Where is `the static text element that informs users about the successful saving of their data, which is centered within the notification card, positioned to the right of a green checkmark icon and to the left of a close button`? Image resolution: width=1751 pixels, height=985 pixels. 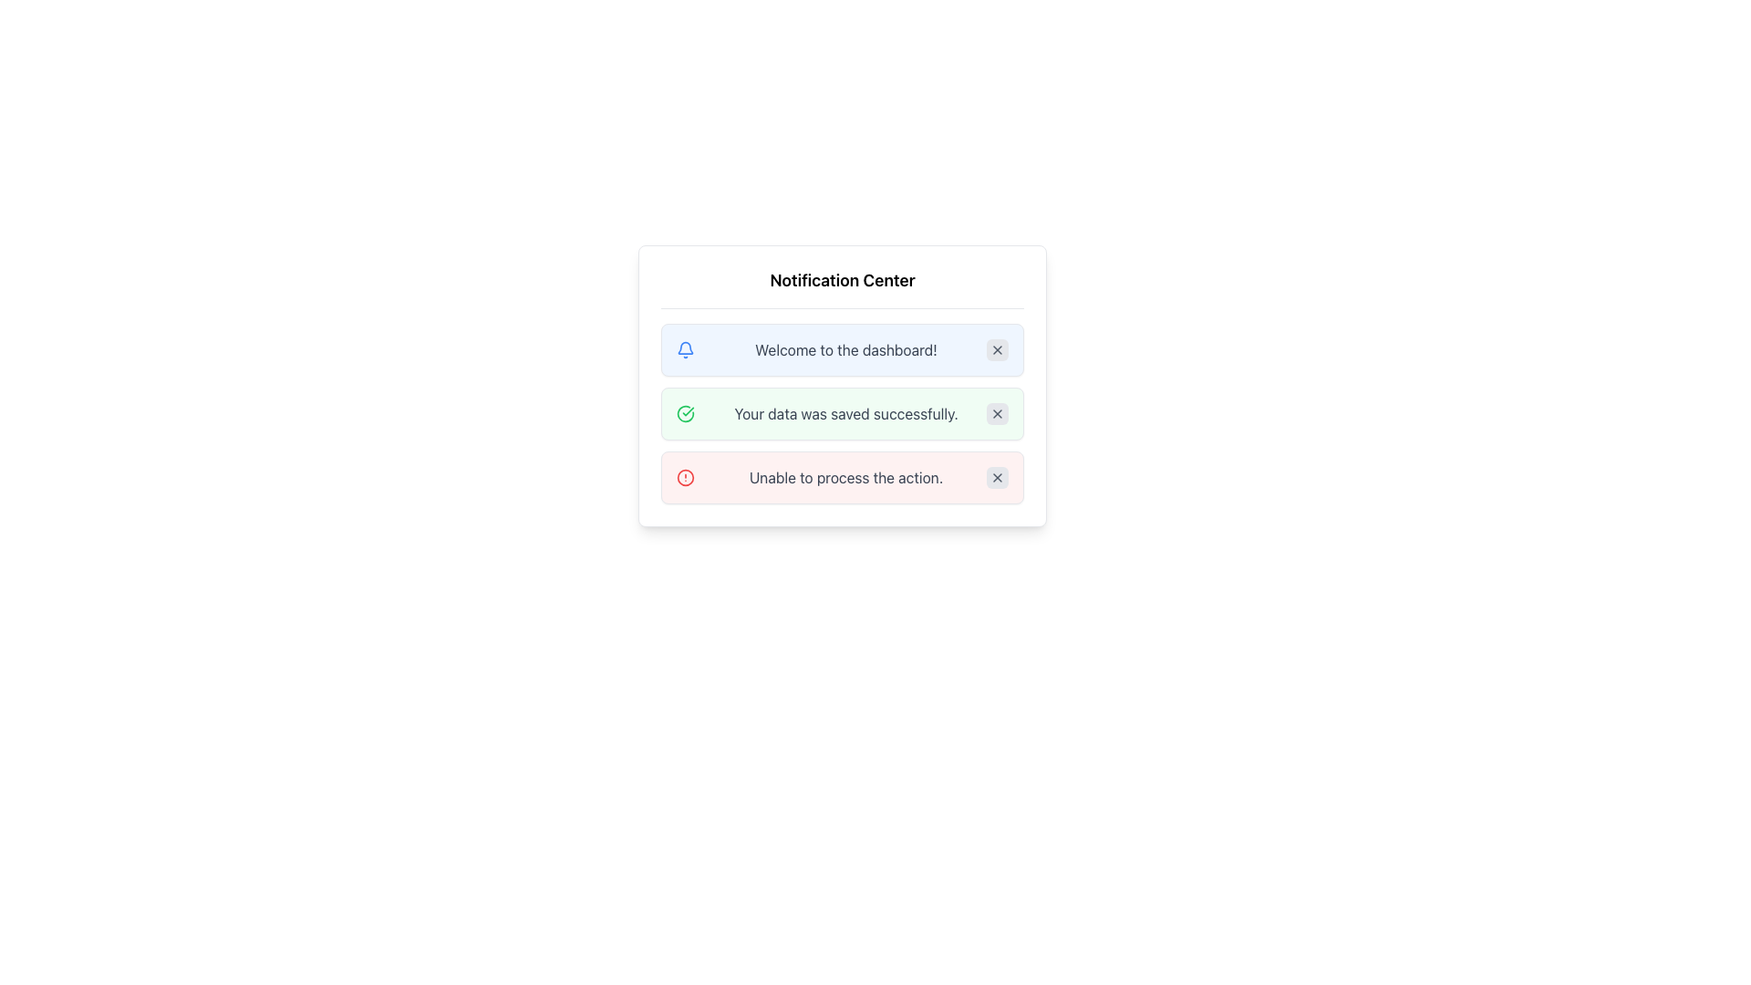
the static text element that informs users about the successful saving of their data, which is centered within the notification card, positioned to the right of a green checkmark icon and to the left of a close button is located at coordinates (844, 414).